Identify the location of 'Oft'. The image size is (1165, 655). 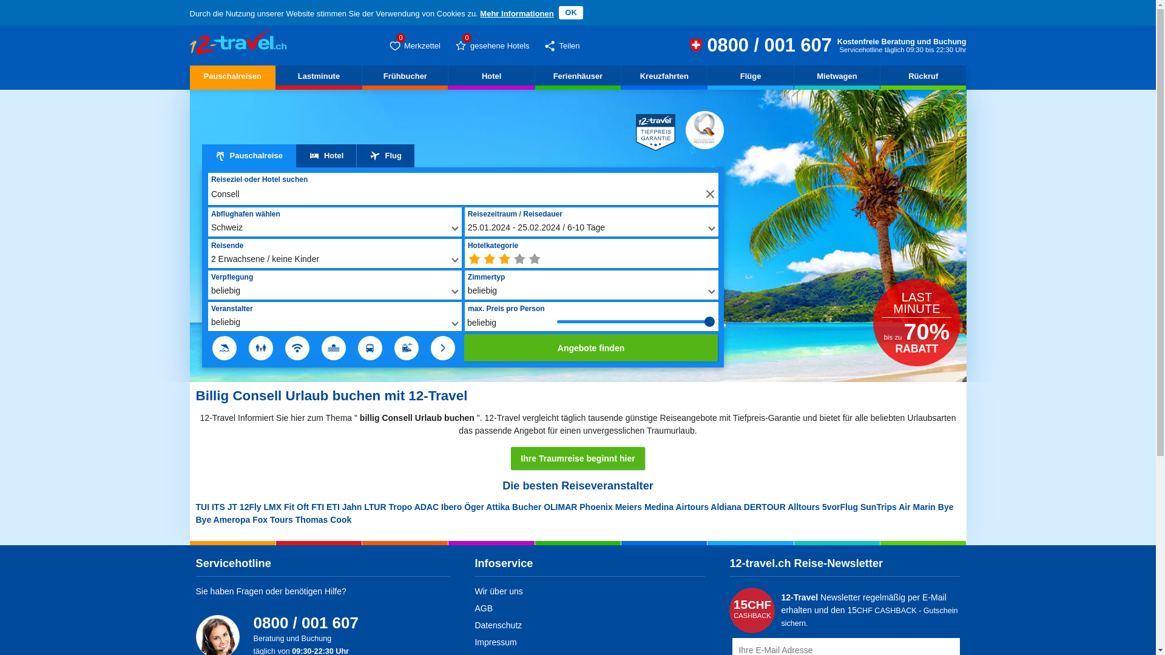
(303, 507).